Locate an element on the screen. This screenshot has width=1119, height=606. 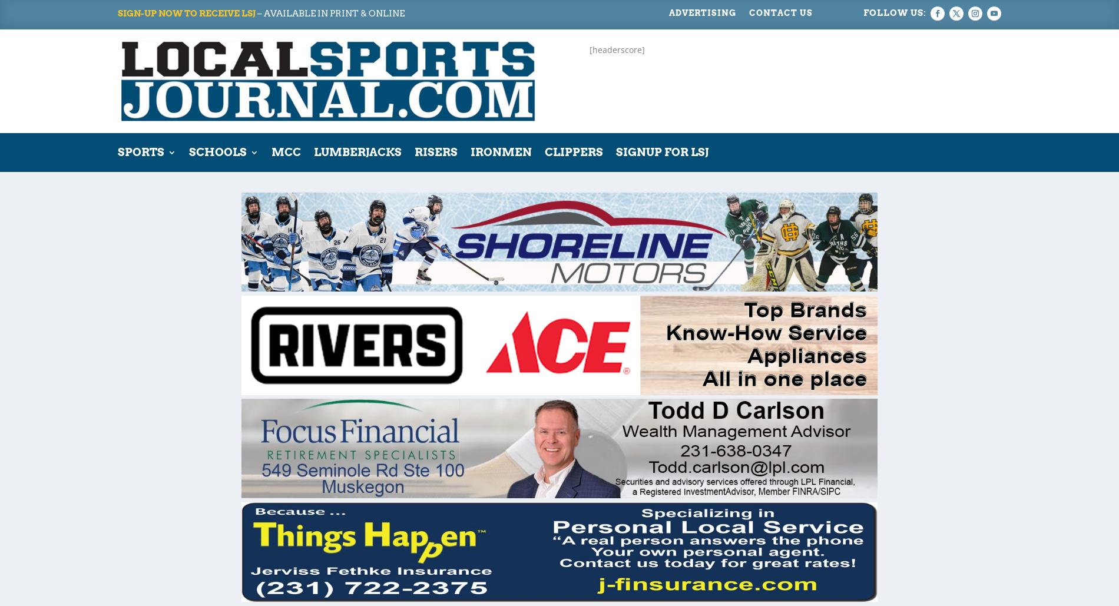
'Ironmen' is located at coordinates (501, 151).